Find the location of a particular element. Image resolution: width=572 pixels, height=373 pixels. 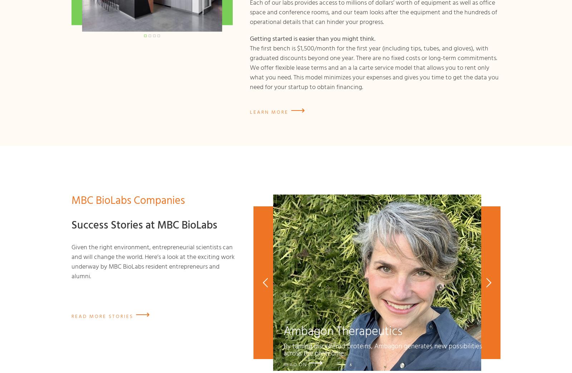

'Mammoth Biosciences' is located at coordinates (384, 364).